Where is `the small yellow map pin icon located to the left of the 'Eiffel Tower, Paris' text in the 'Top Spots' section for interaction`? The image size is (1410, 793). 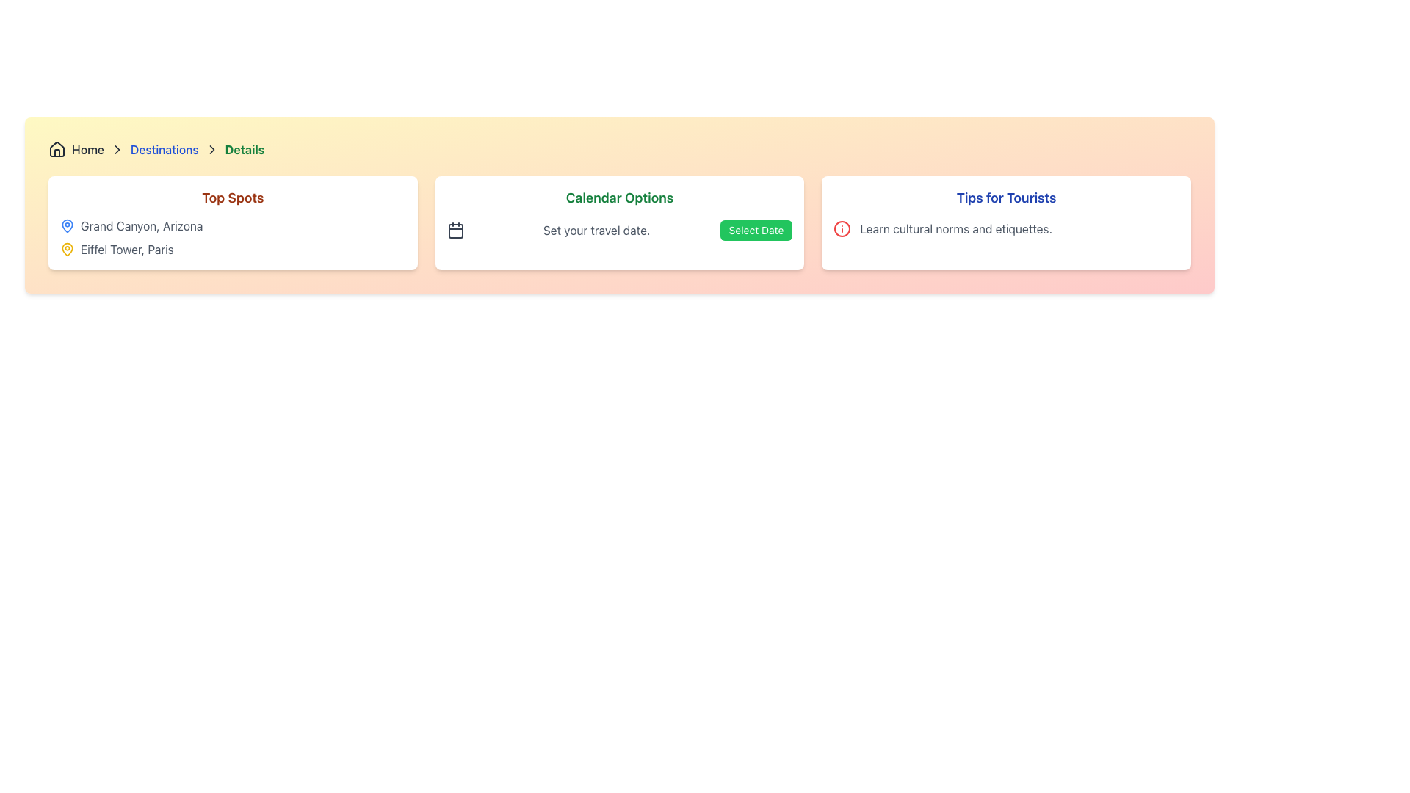 the small yellow map pin icon located to the left of the 'Eiffel Tower, Paris' text in the 'Top Spots' section for interaction is located at coordinates (66, 248).